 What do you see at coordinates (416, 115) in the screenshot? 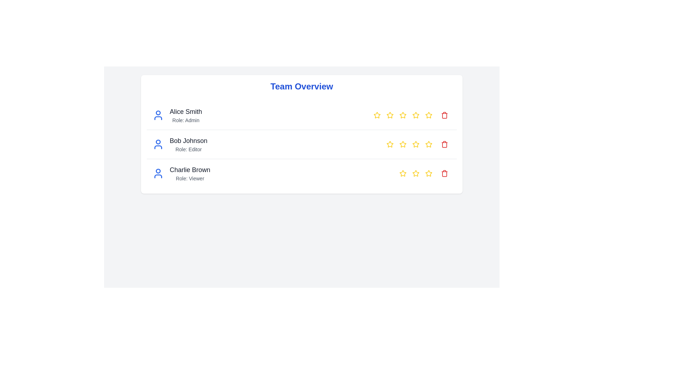
I see `the fifth star rating icon with a yellow outline, located to the right of 'Alice Smith'` at bounding box center [416, 115].